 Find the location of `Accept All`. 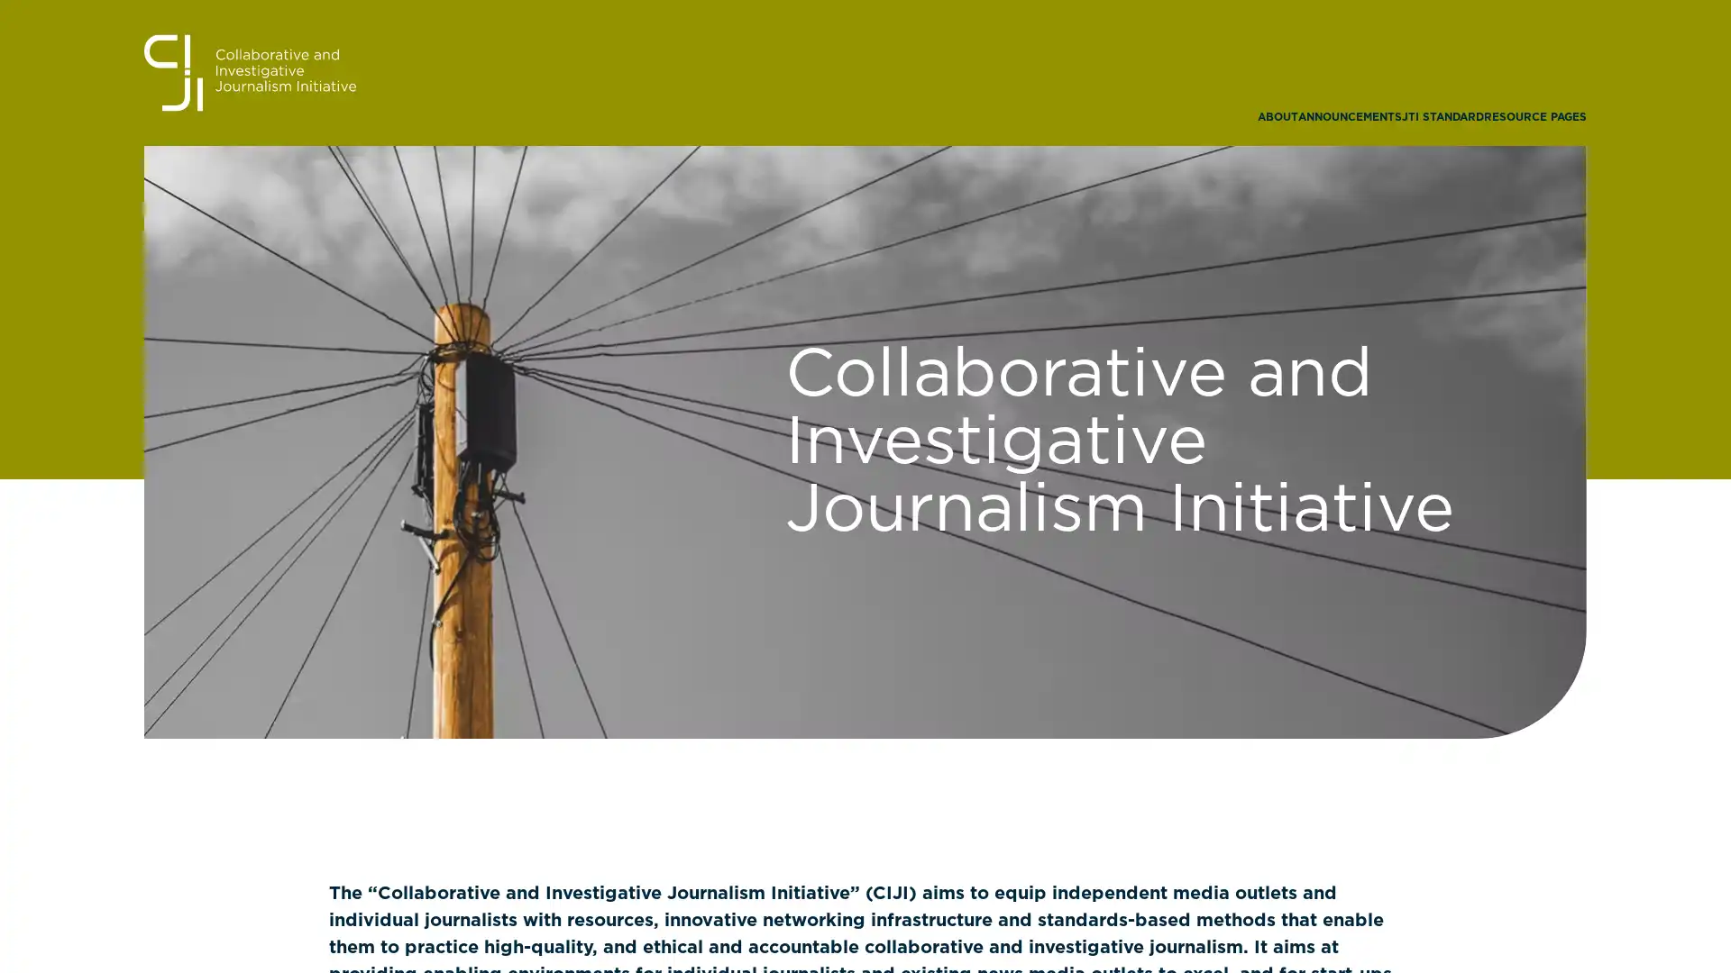

Accept All is located at coordinates (1042, 611).